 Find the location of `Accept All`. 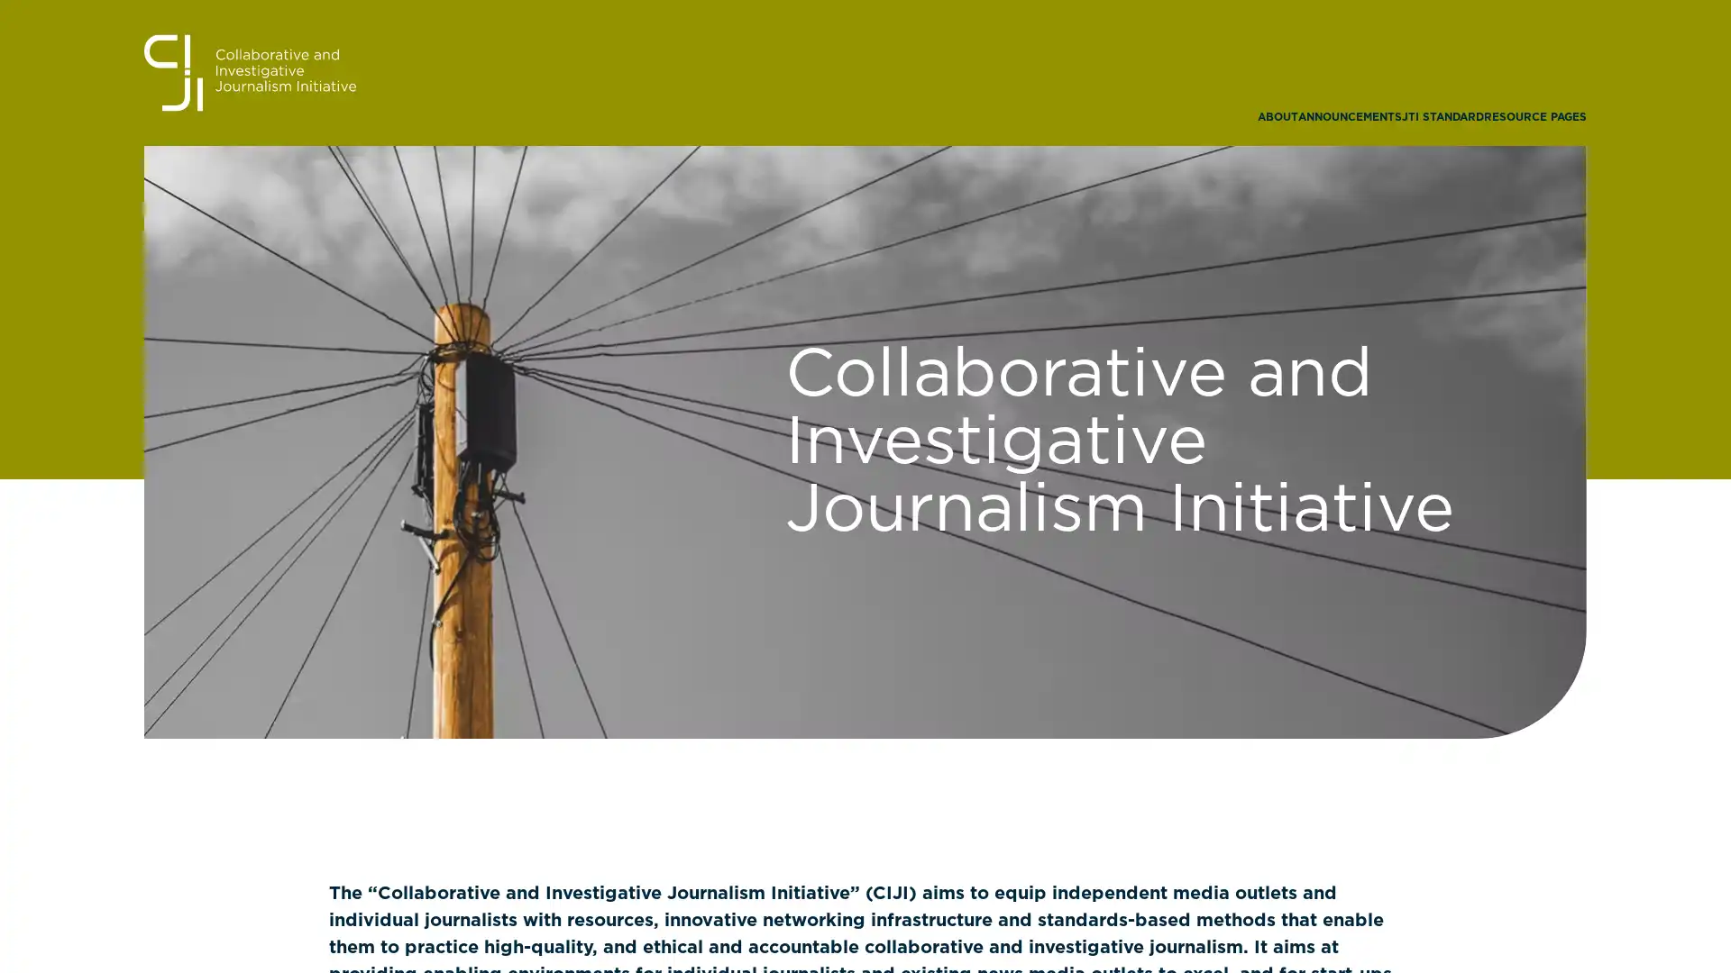

Accept All is located at coordinates (1042, 611).